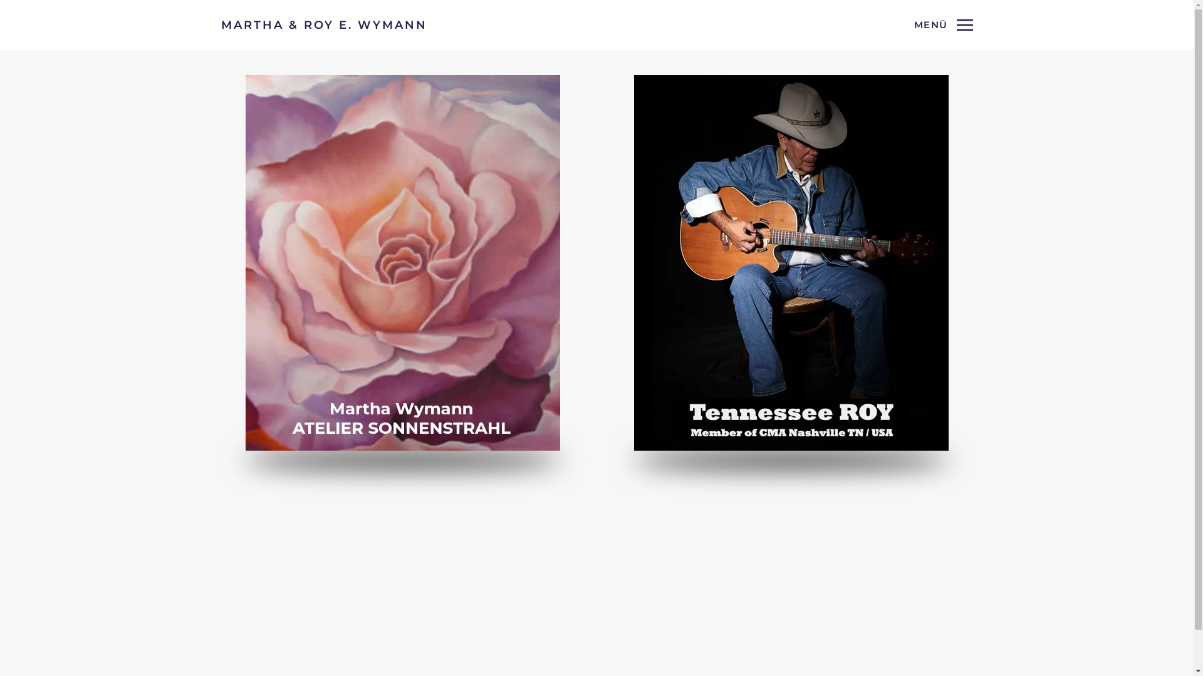 This screenshot has width=1203, height=676. Describe the element at coordinates (323, 24) in the screenshot. I see `'MARTHA & ROY E. WYMANN'` at that location.